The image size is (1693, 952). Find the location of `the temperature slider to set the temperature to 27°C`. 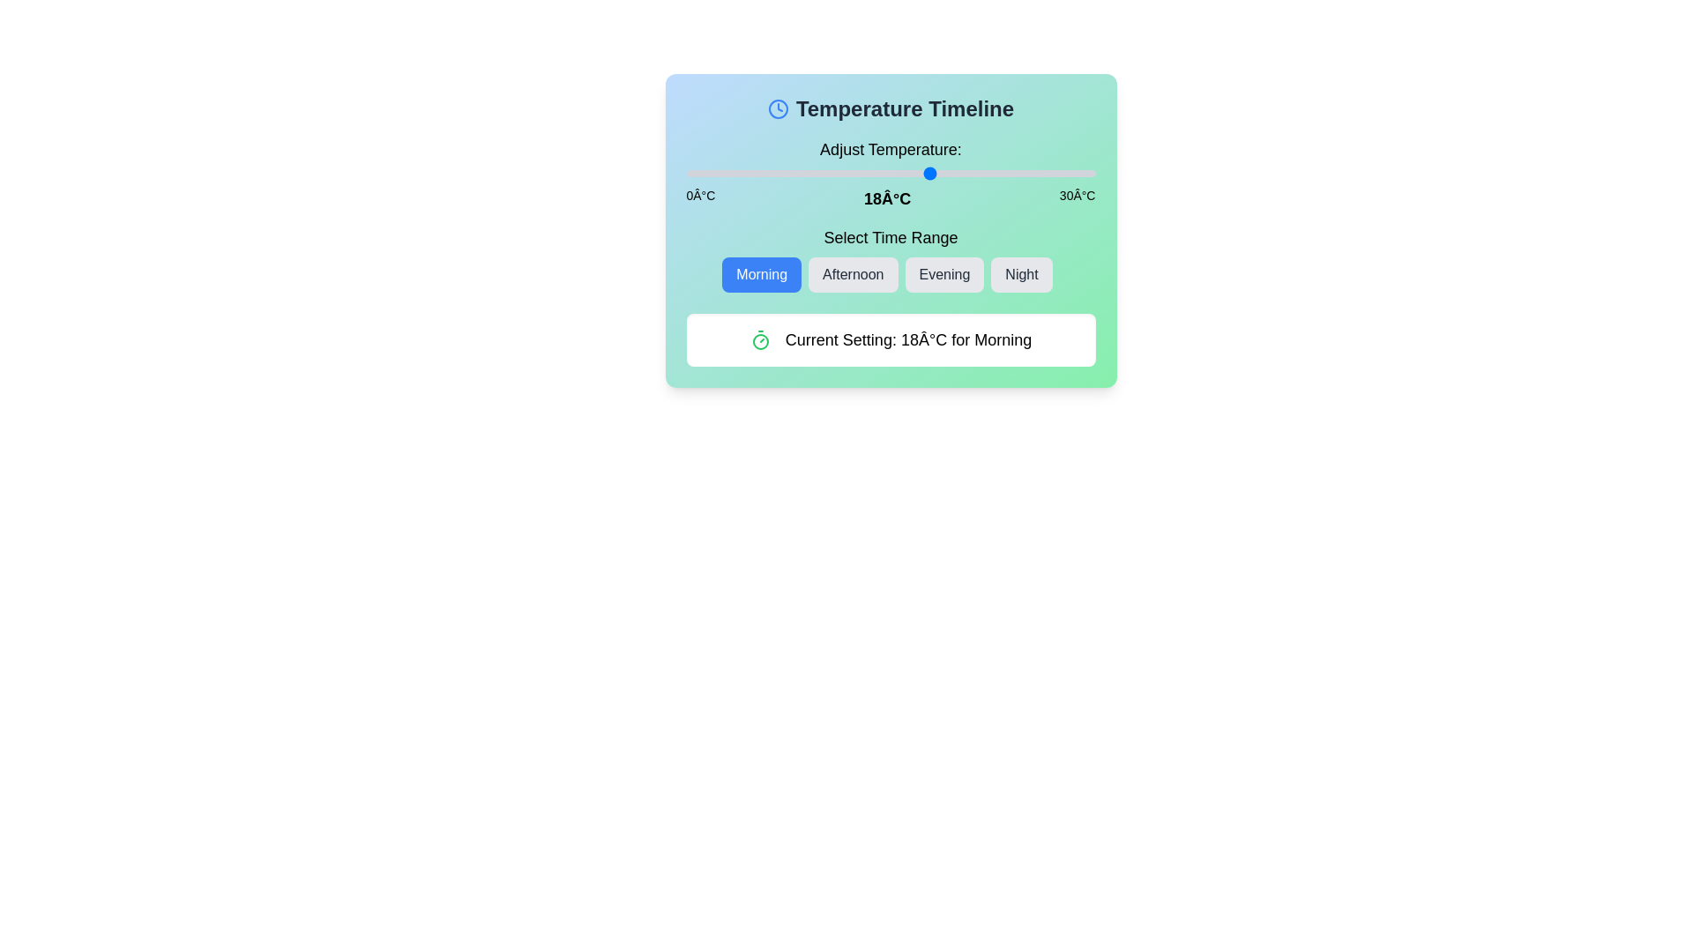

the temperature slider to set the temperature to 27°C is located at coordinates (1055, 173).